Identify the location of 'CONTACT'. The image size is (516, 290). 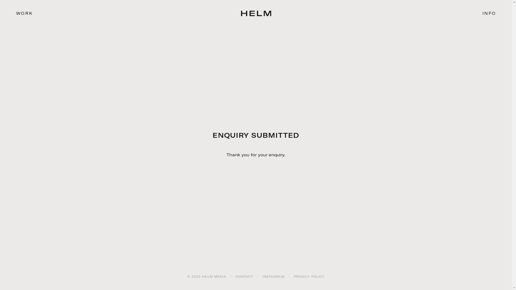
(244, 276).